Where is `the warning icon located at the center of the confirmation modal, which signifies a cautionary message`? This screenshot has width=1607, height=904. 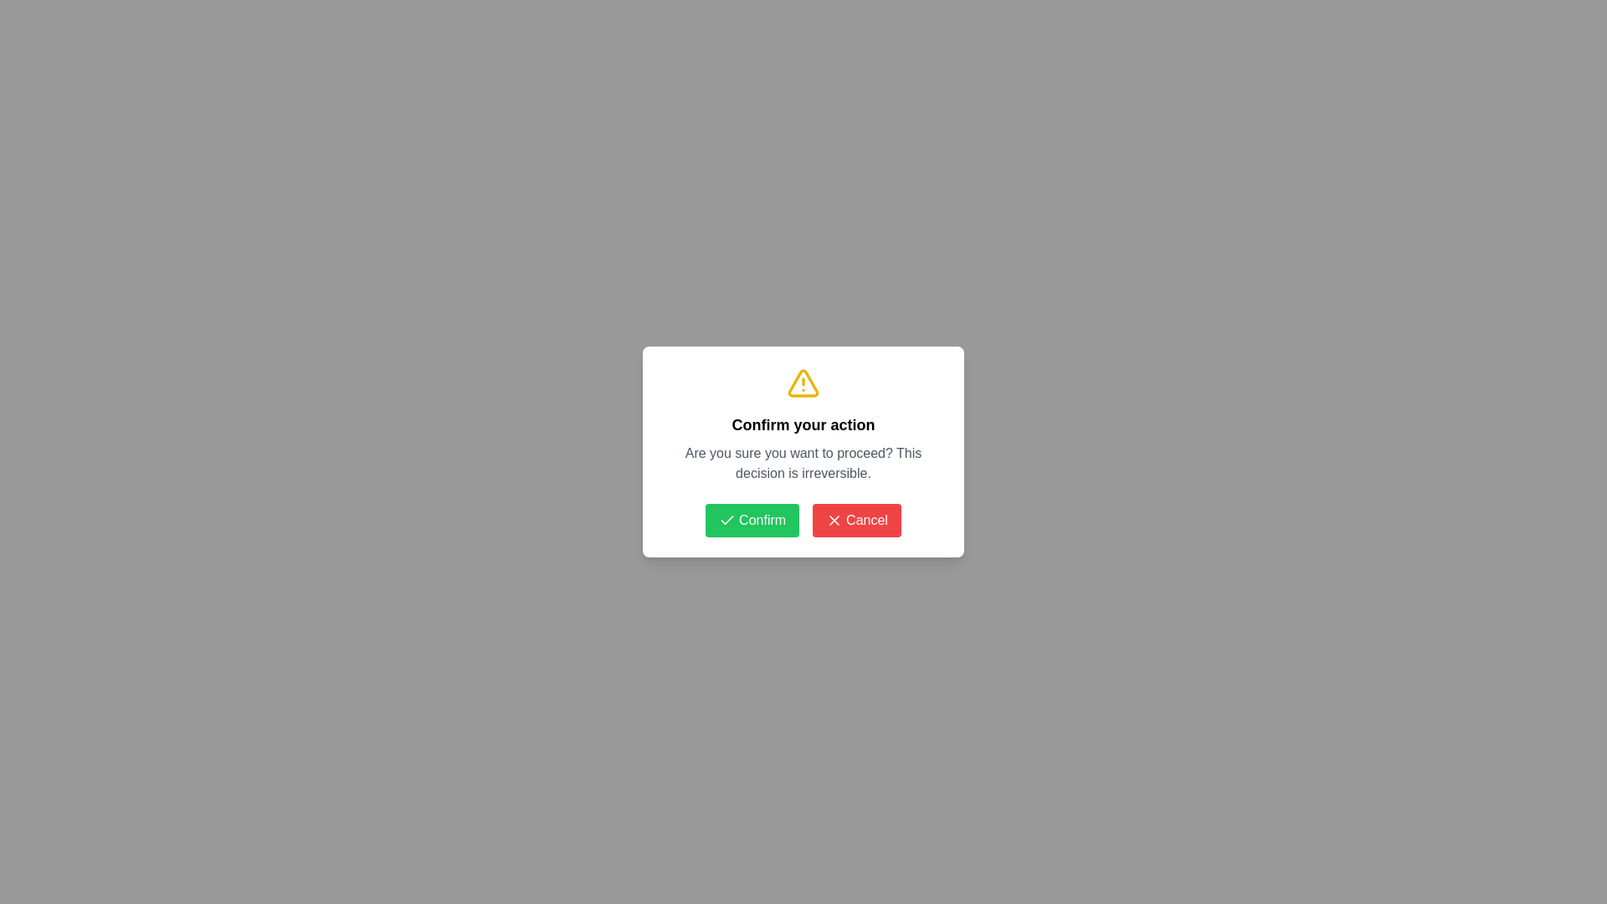
the warning icon located at the center of the confirmation modal, which signifies a cautionary message is located at coordinates (803, 383).